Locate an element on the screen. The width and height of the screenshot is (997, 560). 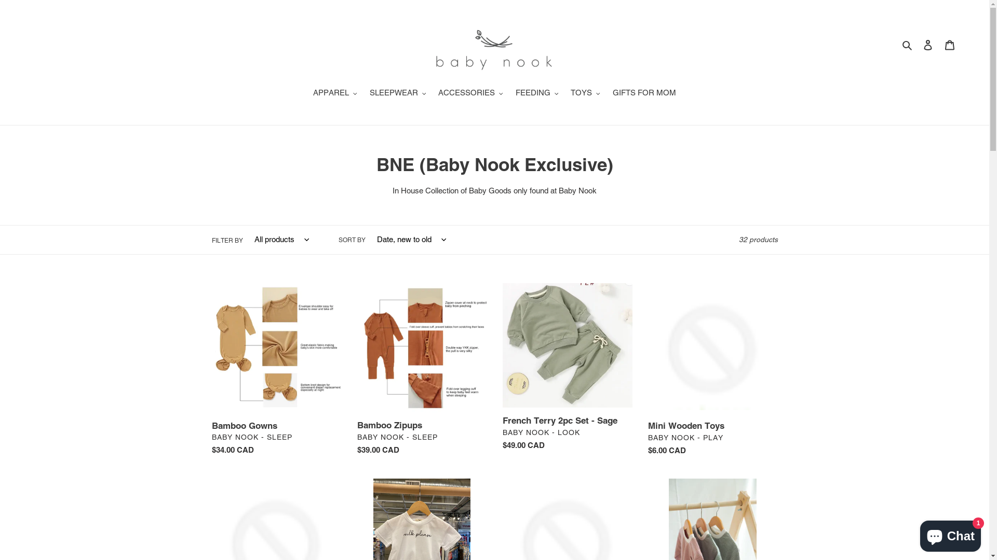
'FEEDING' is located at coordinates (510, 94).